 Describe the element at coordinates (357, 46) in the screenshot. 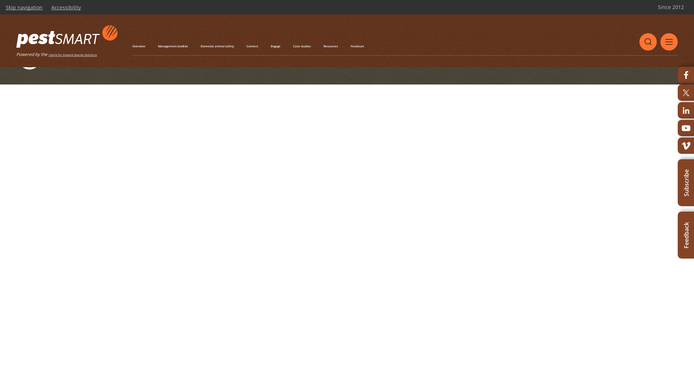

I see `'Feralscan'` at that location.